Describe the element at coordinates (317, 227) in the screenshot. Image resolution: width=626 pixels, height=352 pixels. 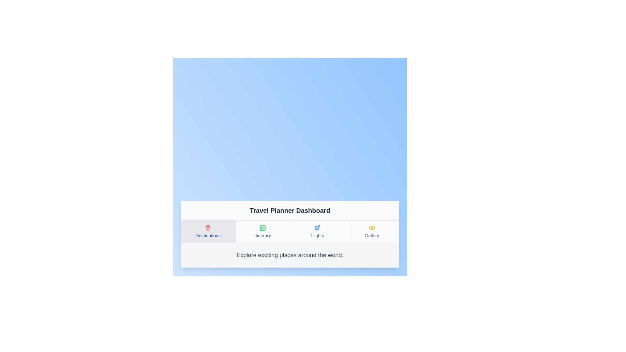
I see `the airplane icon, which is styled with blue color and linear strokes, located above the text 'Flights'` at that location.